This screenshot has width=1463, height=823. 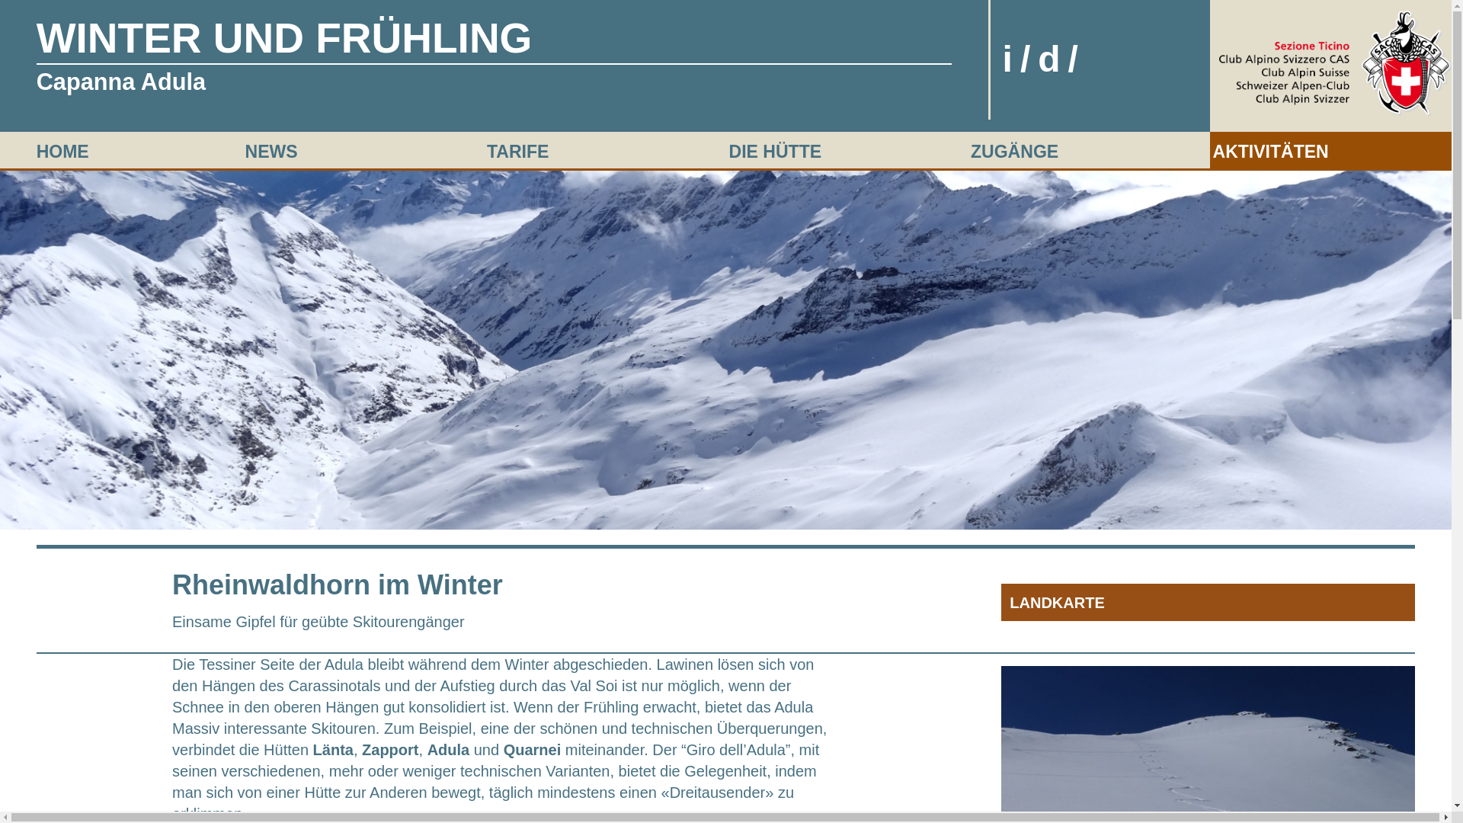 What do you see at coordinates (517, 152) in the screenshot?
I see `'TARIFE'` at bounding box center [517, 152].